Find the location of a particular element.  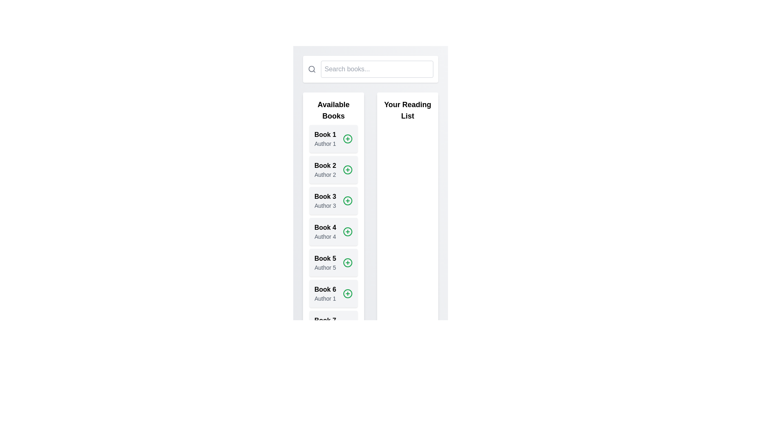

the outlined green circle button with a plus sign (+) located to the far-right of the book entry card for 'Book 6' by 'Author 1' in the 'Available Books' section is located at coordinates (348, 294).